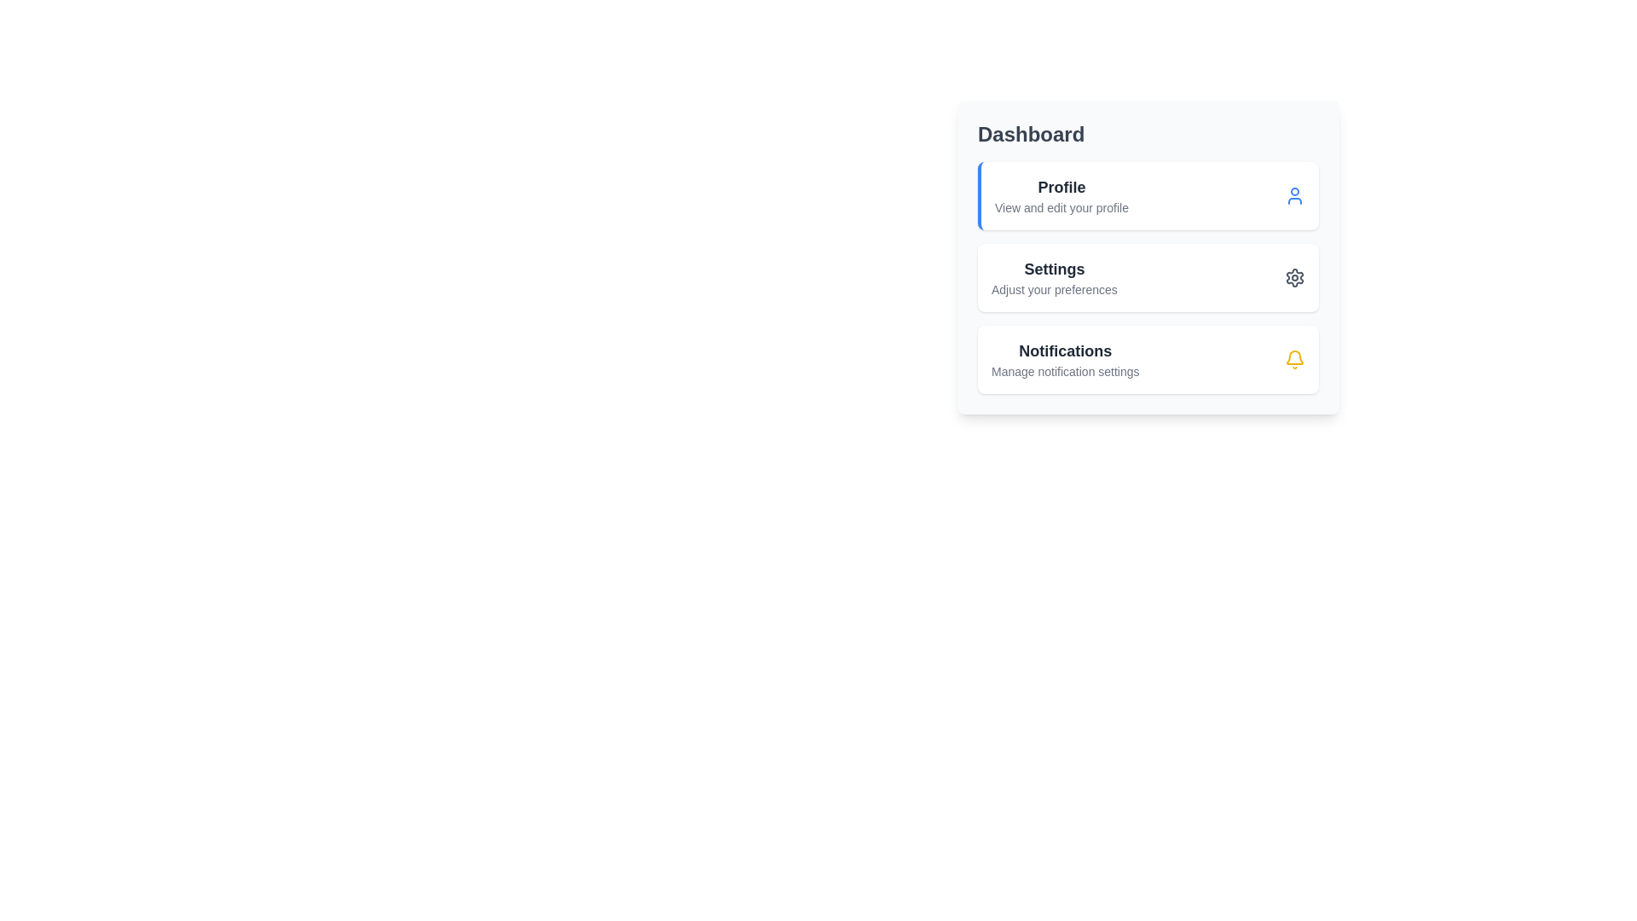  What do you see at coordinates (1294, 277) in the screenshot?
I see `the 'Settings' icon in the vertical navigation menu` at bounding box center [1294, 277].